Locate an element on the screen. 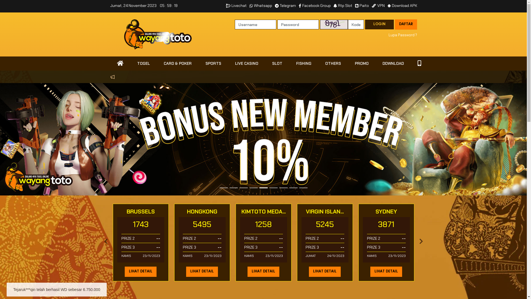  'Next' is located at coordinates (418, 242).